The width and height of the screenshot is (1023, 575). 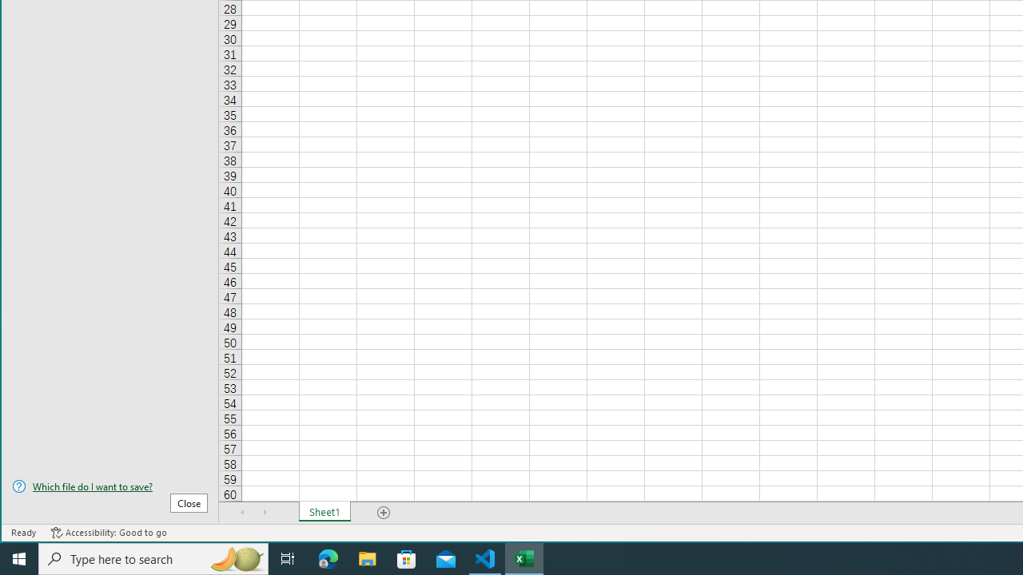 What do you see at coordinates (153, 557) in the screenshot?
I see `'Type here to search'` at bounding box center [153, 557].